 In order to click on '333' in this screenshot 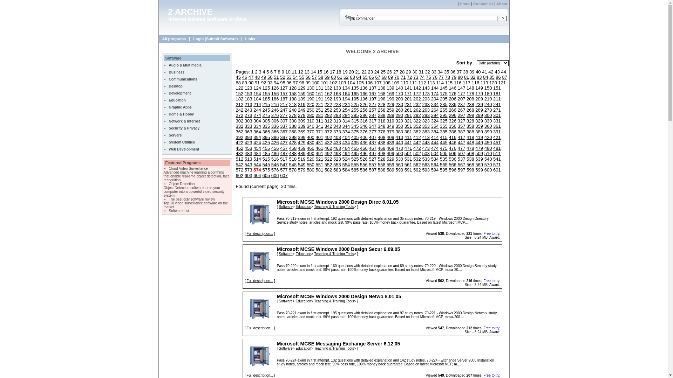, I will do `click(249, 126)`.